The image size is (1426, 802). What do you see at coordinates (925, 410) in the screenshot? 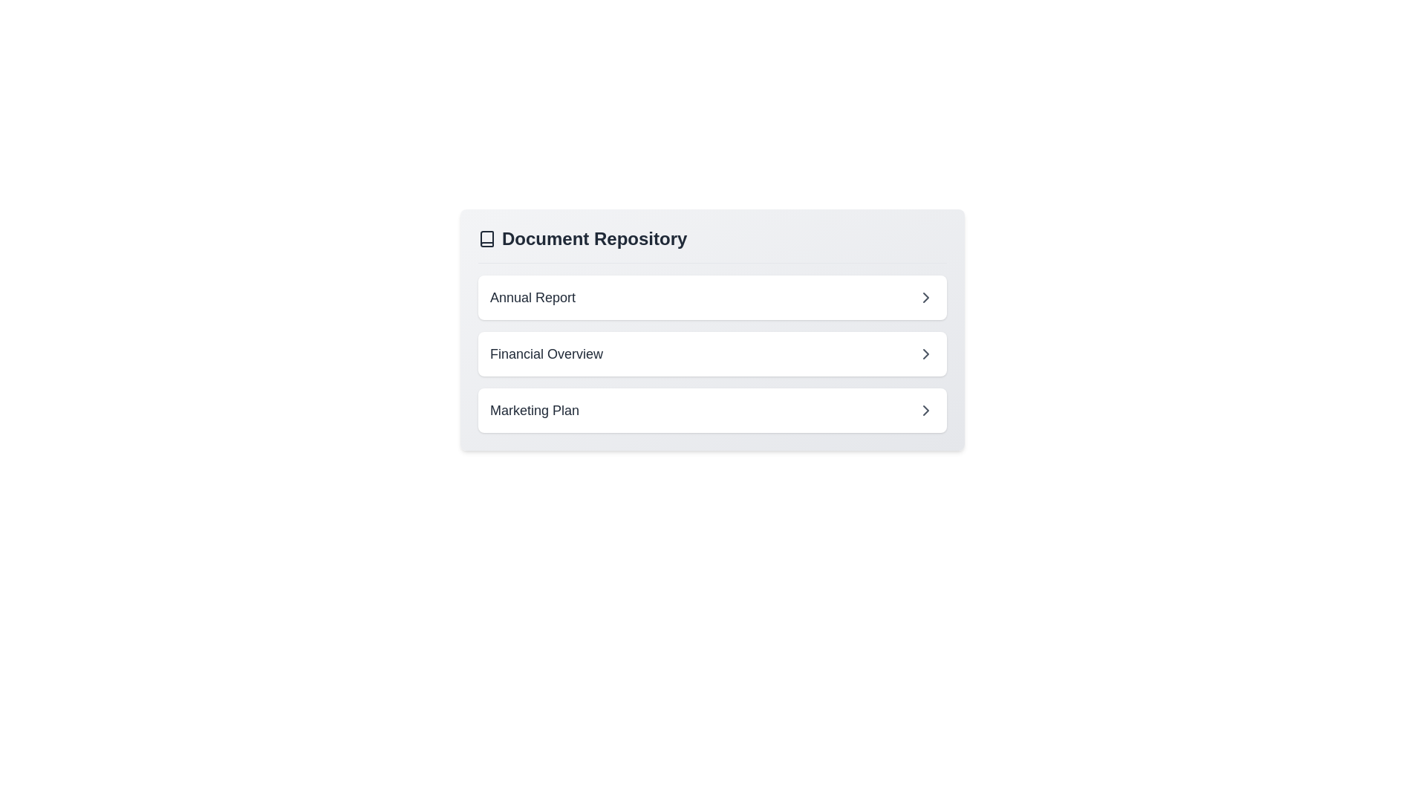
I see `the right-pointing chevron icon located at the far right of the 'Marketing Plan' row in the 'Document Repository' panel` at bounding box center [925, 410].